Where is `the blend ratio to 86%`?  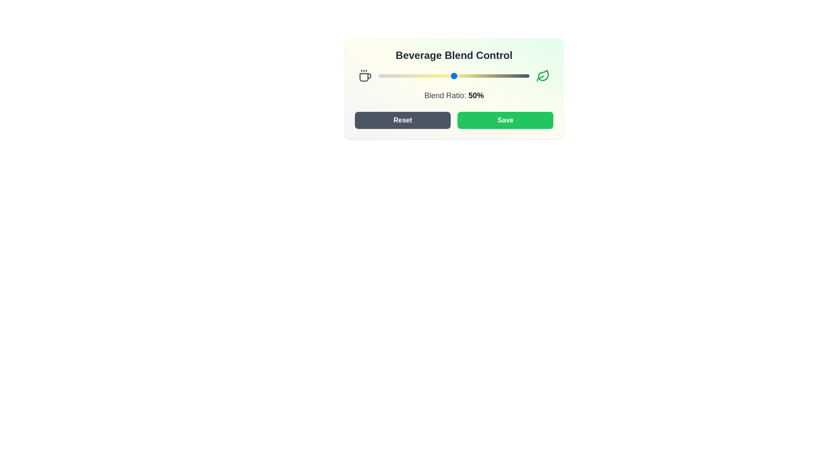 the blend ratio to 86% is located at coordinates (508, 75).